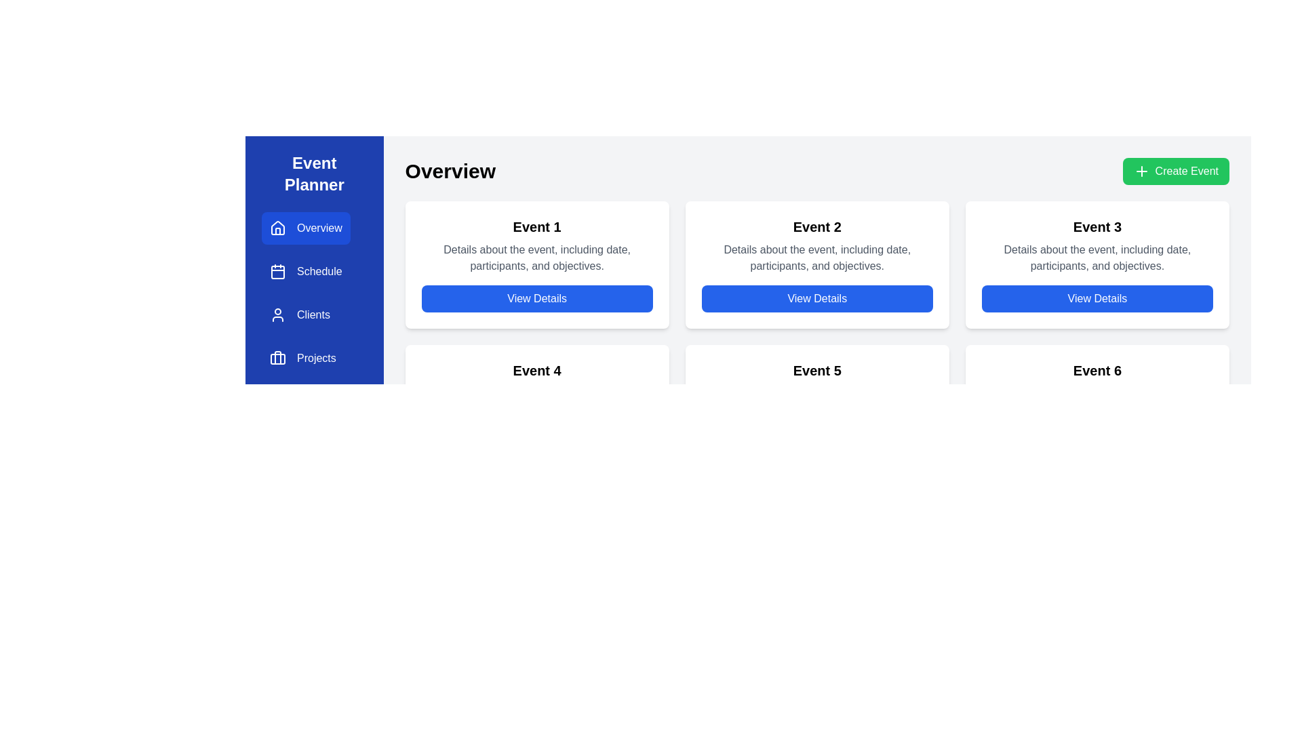  Describe the element at coordinates (536, 245) in the screenshot. I see `the 'Event 1' text block, which is a title and description pair located` at that location.